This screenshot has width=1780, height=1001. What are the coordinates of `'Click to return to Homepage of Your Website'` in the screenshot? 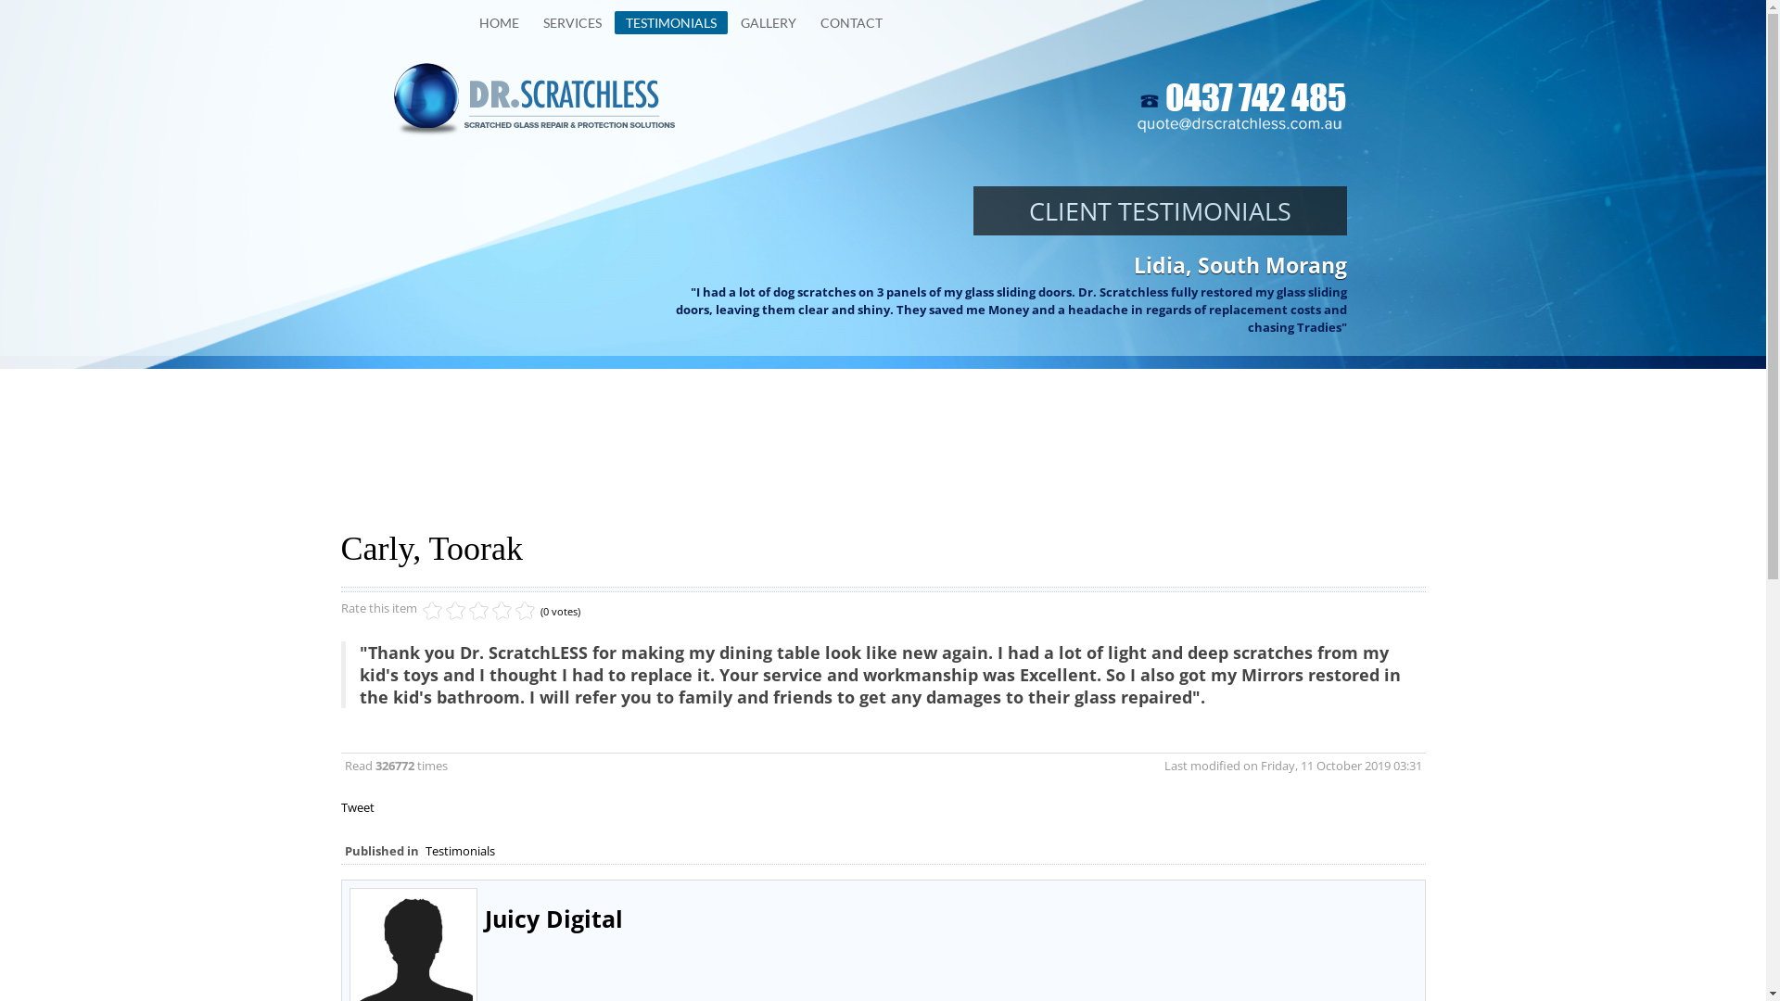 It's located at (534, 99).